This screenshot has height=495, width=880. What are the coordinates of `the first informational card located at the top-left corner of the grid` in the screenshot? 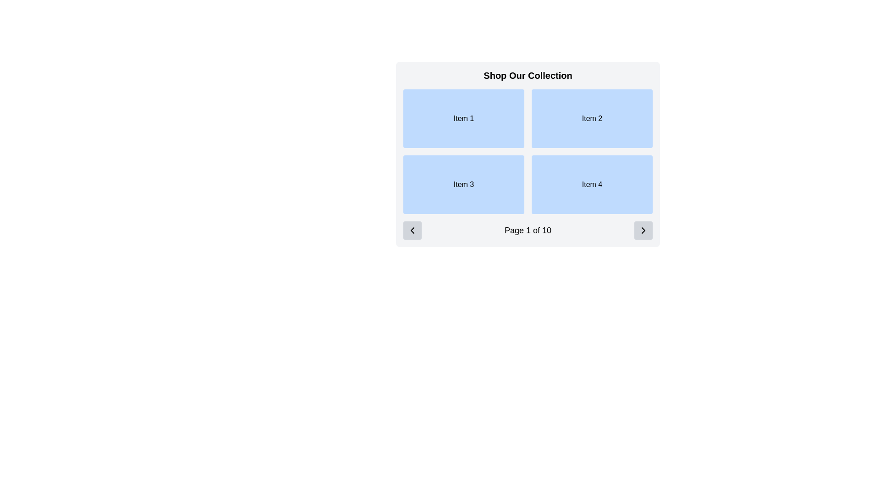 It's located at (464, 118).